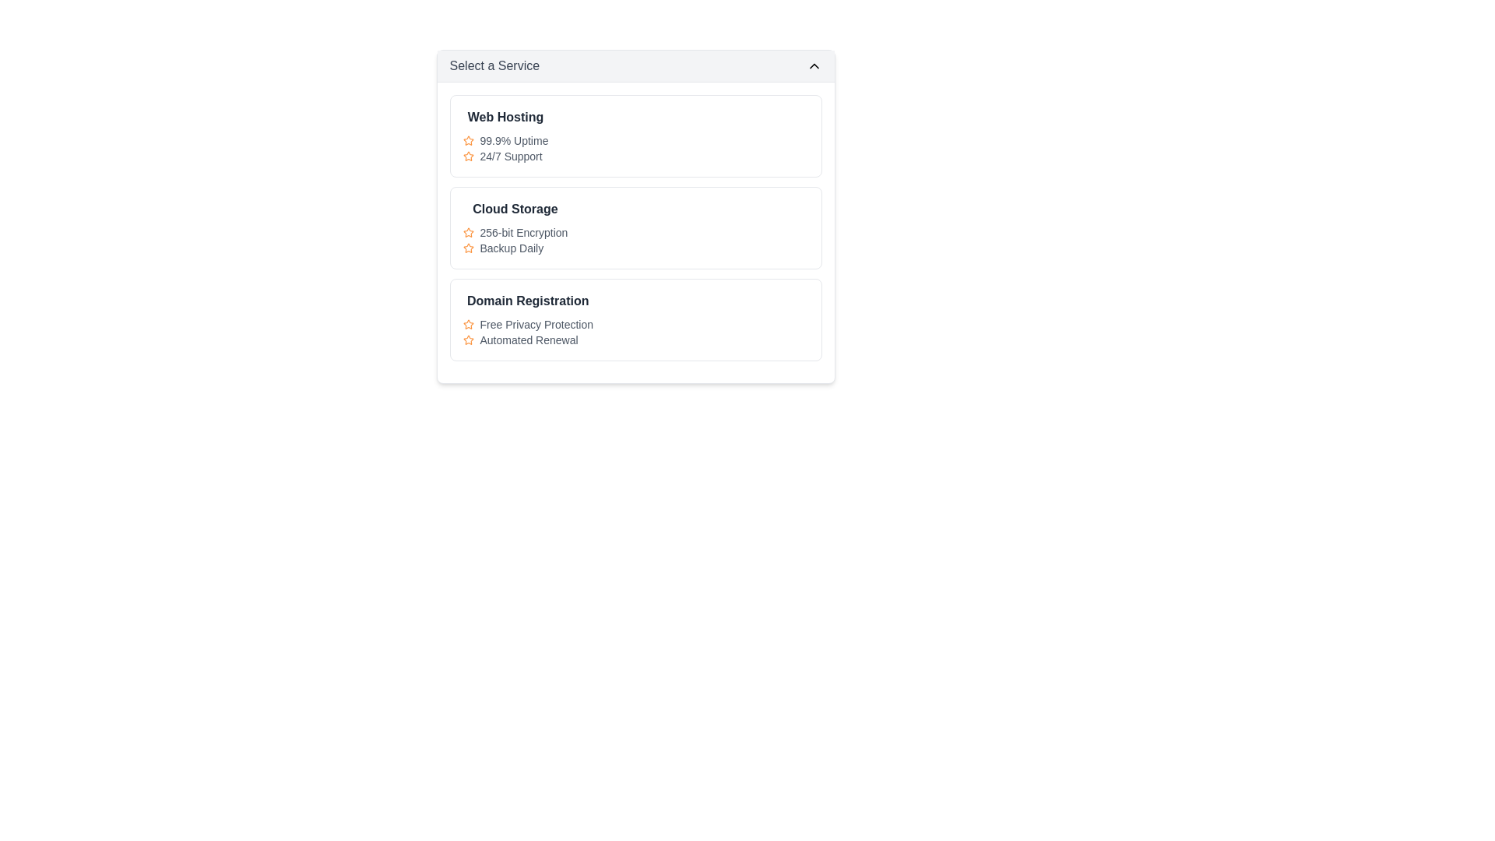 The height and width of the screenshot is (841, 1495). I want to click on the small orange star-shaped icon located next to the '24/7 Support' text in the 'Web Hosting' section, so click(467, 156).